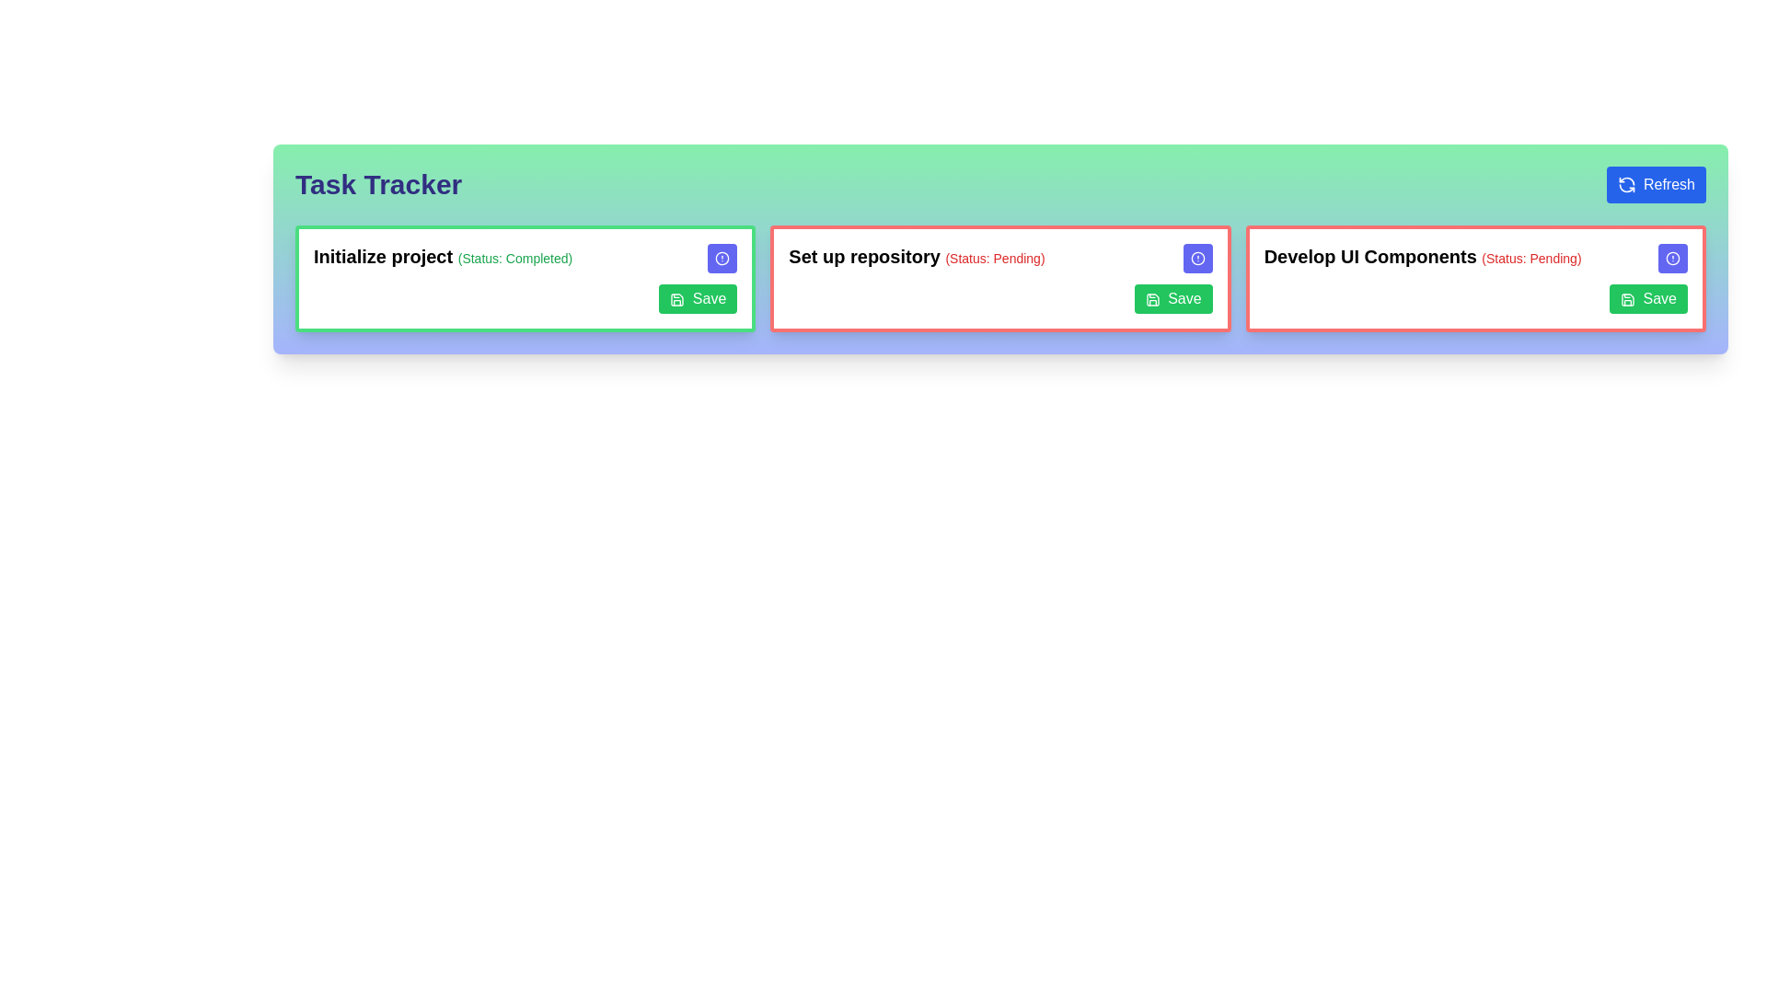 The height and width of the screenshot is (994, 1767). I want to click on the 'Save' button with a green background and white text located at the bottom-right corner of the 'Initialize project' card, so click(697, 297).